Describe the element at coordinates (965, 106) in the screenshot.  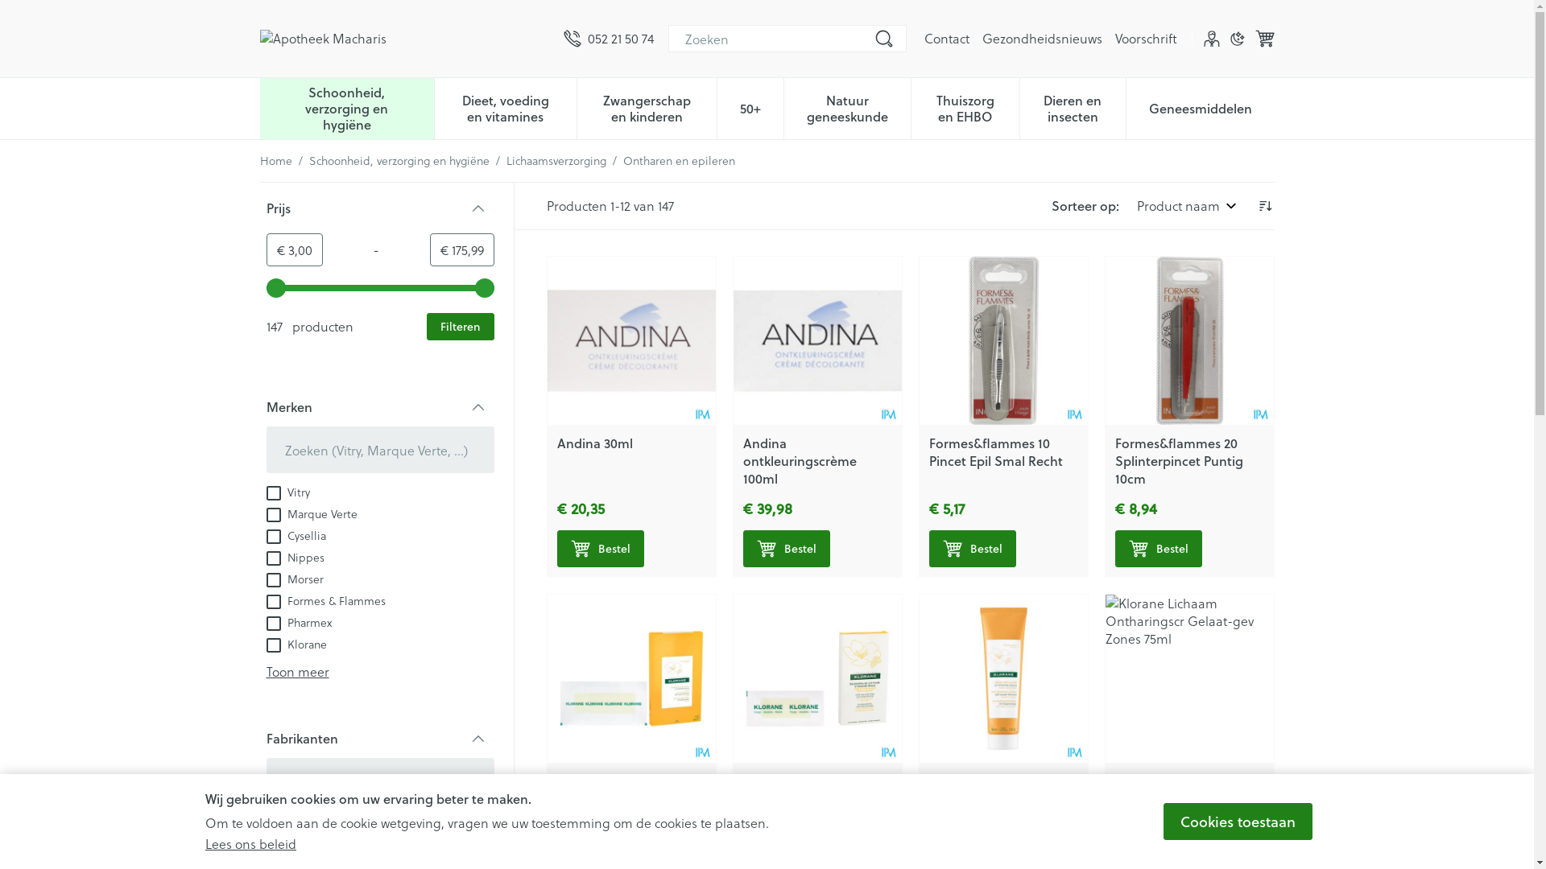
I see `'Thuiszorg en EHBO'` at that location.